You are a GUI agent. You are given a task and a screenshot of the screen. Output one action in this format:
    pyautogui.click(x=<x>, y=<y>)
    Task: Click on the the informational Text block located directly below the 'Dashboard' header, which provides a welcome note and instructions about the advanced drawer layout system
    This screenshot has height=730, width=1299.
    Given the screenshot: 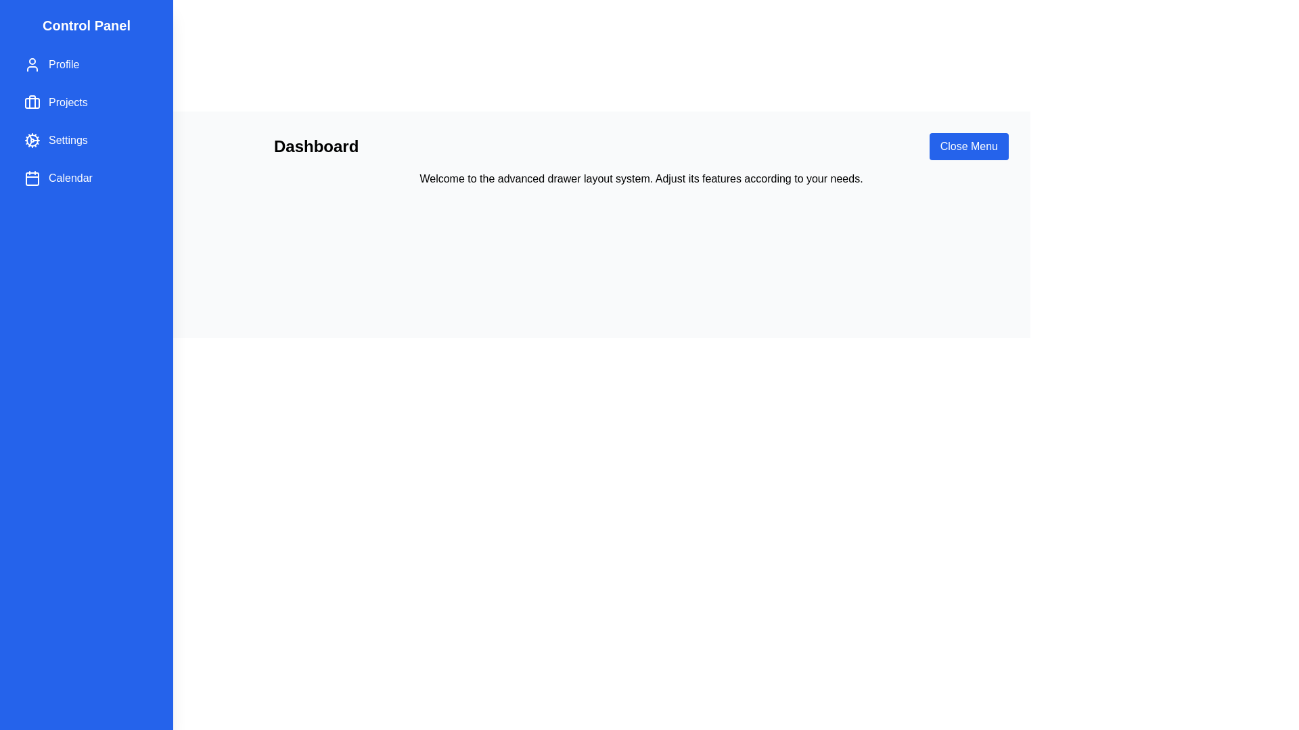 What is the action you would take?
    pyautogui.click(x=641, y=178)
    